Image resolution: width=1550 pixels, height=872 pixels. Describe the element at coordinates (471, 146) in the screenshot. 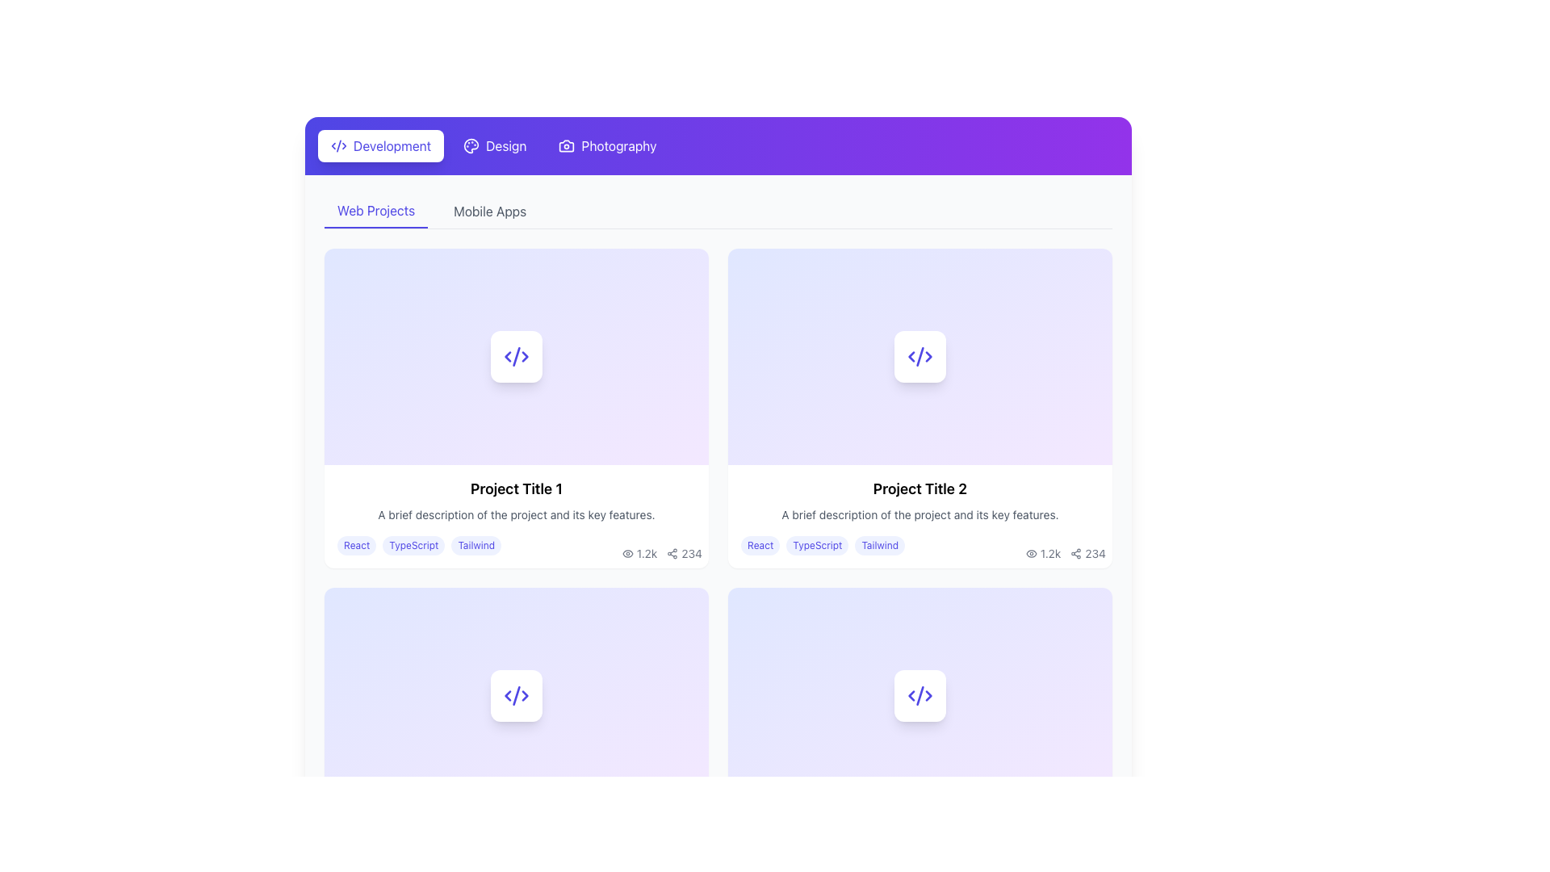

I see `the small circular palette icon located in the navigation bar next to the 'Design' label for its visual information` at that location.